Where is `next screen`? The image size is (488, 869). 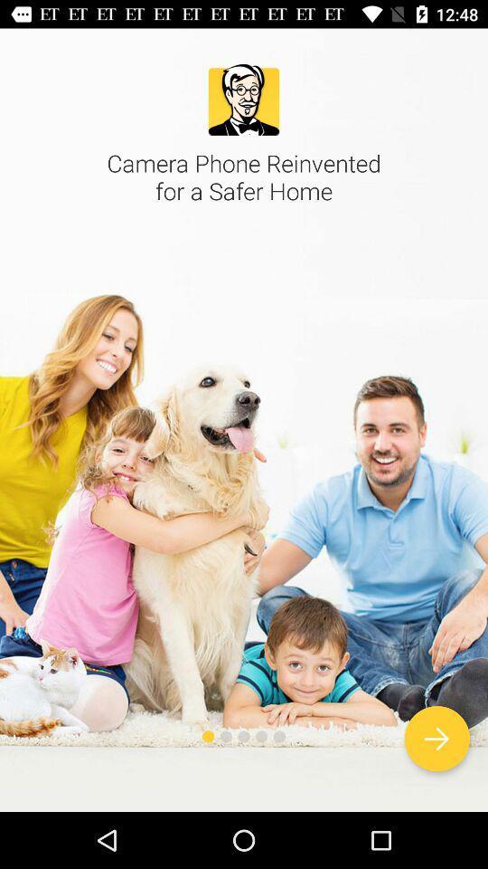
next screen is located at coordinates (436, 739).